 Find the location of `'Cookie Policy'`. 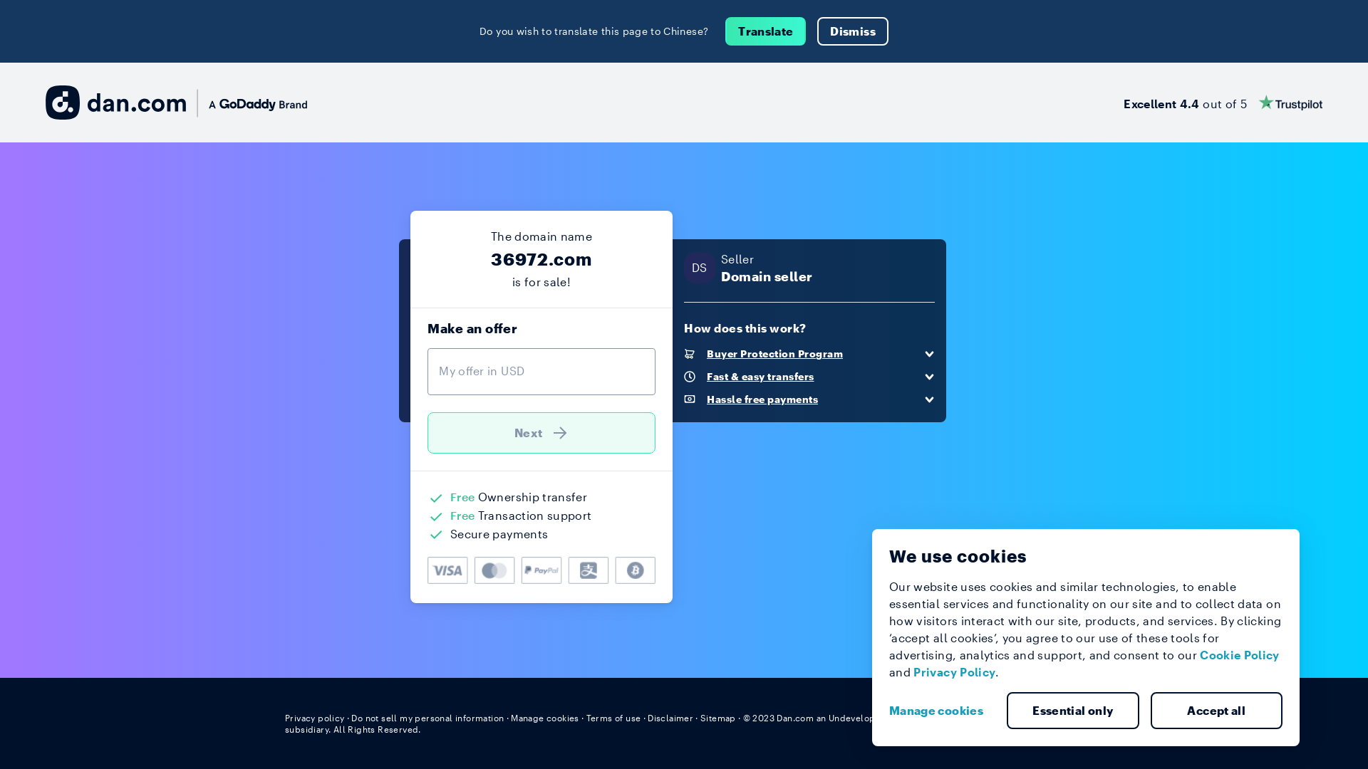

'Cookie Policy' is located at coordinates (1199, 654).